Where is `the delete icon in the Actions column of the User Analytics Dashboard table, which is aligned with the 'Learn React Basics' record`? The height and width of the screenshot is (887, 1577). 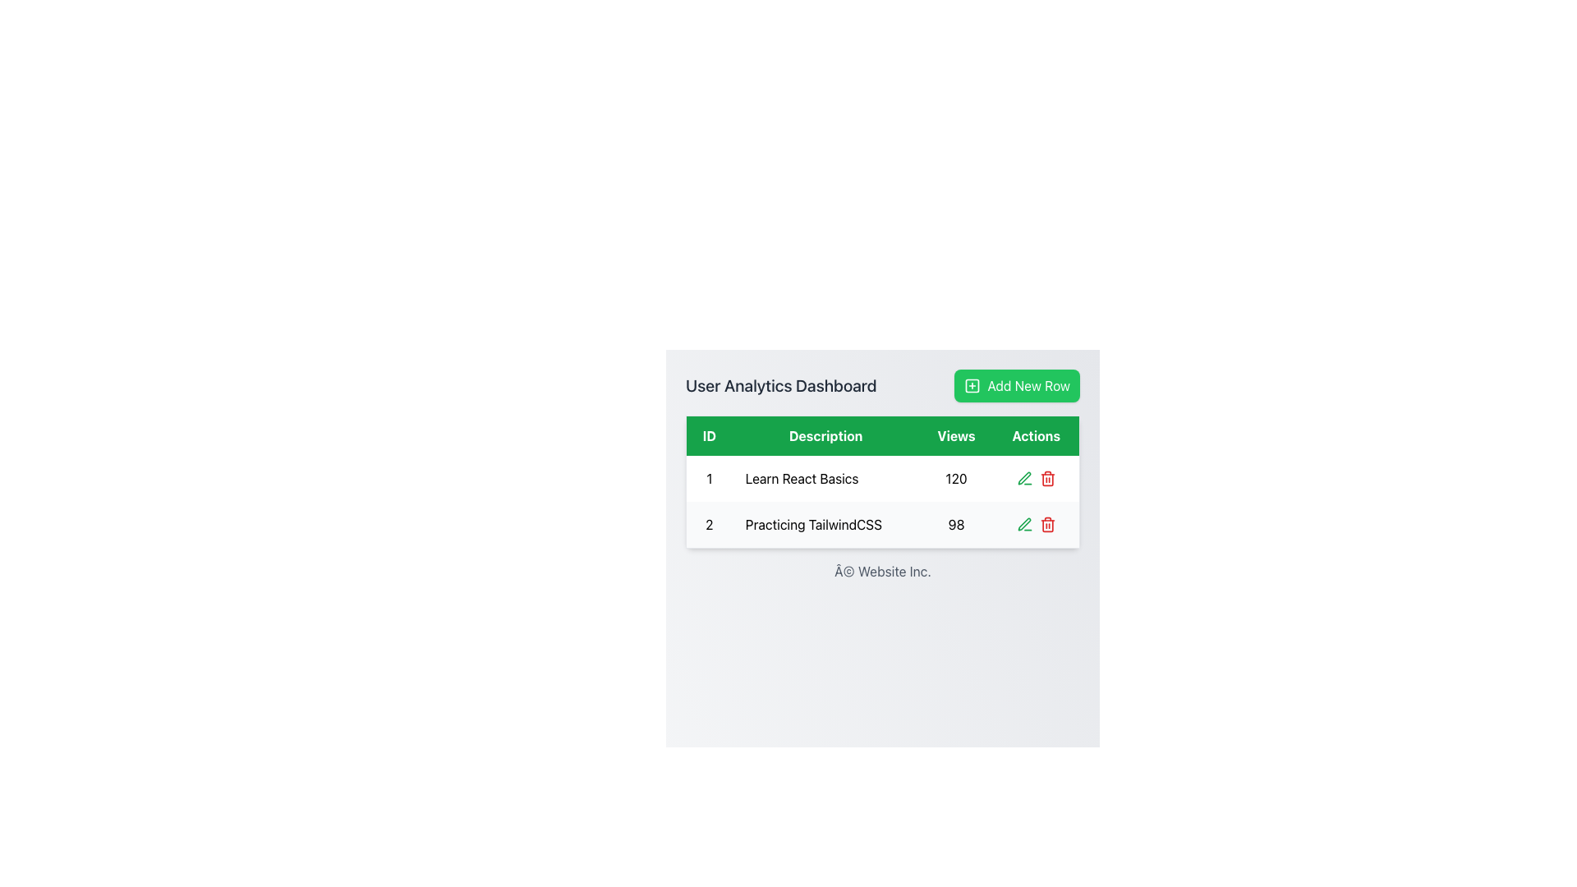
the delete icon in the Actions column of the User Analytics Dashboard table, which is aligned with the 'Learn React Basics' record is located at coordinates (1036, 478).